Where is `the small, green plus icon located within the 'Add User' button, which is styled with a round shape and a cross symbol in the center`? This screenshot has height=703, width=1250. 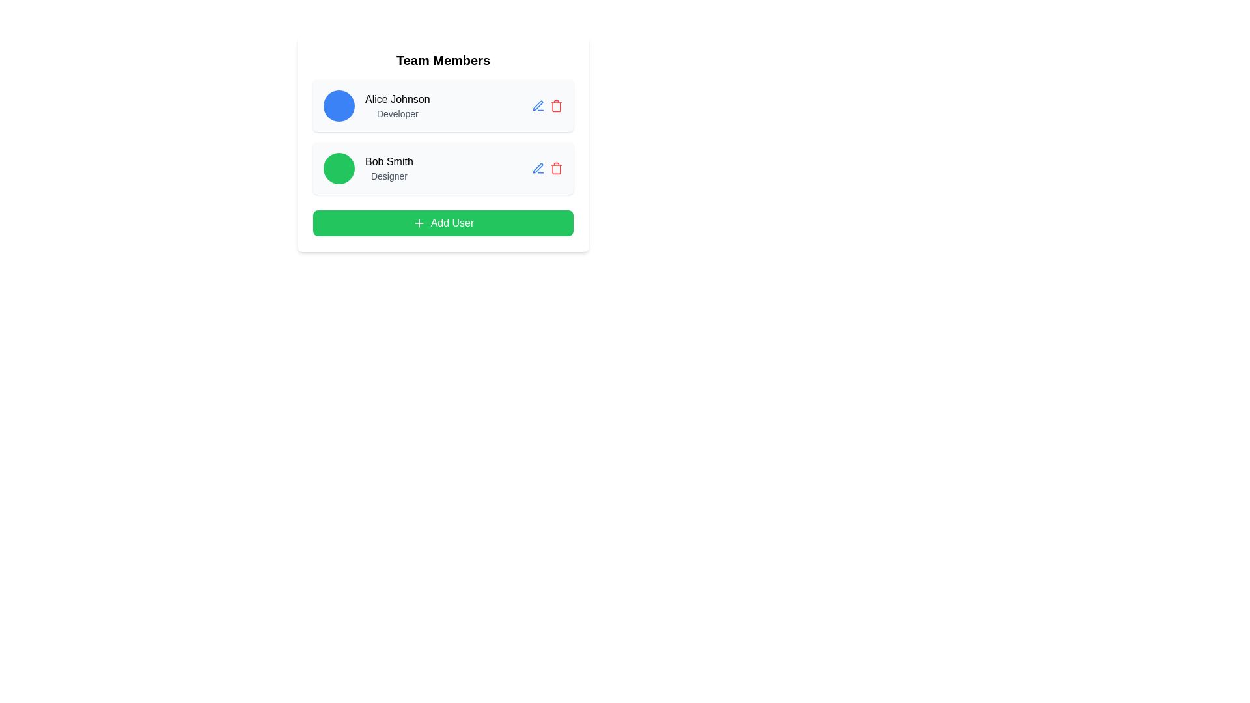 the small, green plus icon located within the 'Add User' button, which is styled with a round shape and a cross symbol in the center is located at coordinates (419, 223).